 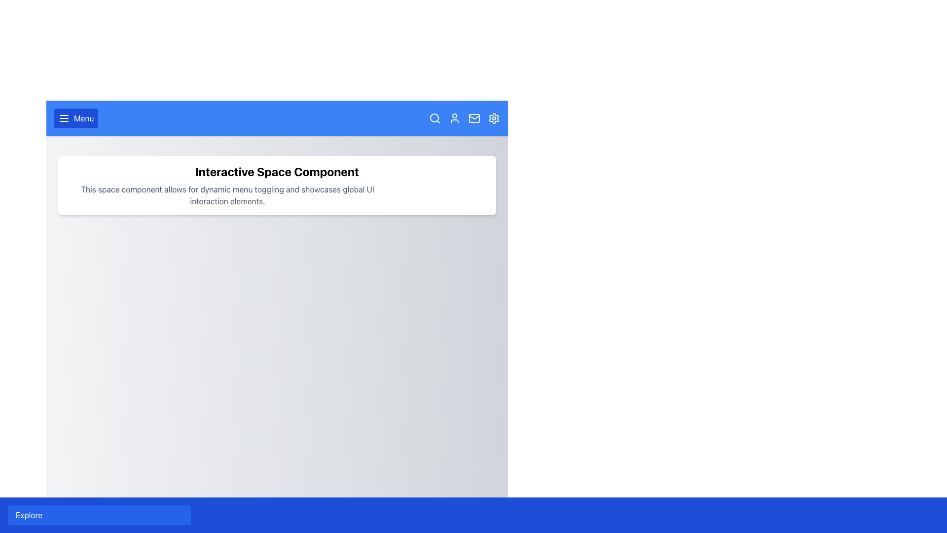 I want to click on the outlined mail icon button located at the top-right corner of the interface, which is the third icon from the right within a row of icons, so click(x=474, y=117).